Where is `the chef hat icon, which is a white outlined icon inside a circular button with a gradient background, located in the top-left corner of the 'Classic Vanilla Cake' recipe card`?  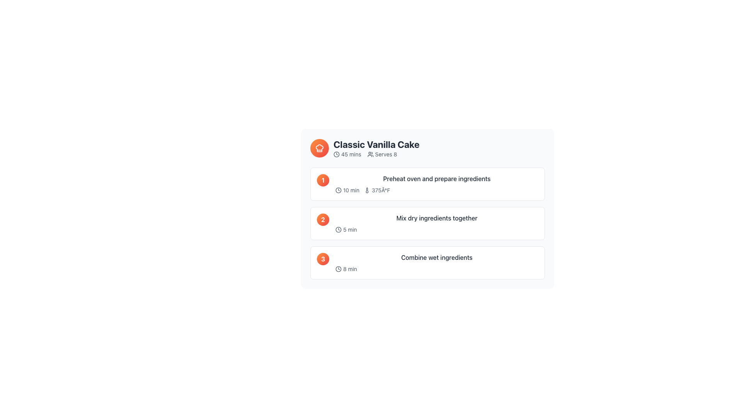
the chef hat icon, which is a white outlined icon inside a circular button with a gradient background, located in the top-left corner of the 'Classic Vanilla Cake' recipe card is located at coordinates (319, 148).